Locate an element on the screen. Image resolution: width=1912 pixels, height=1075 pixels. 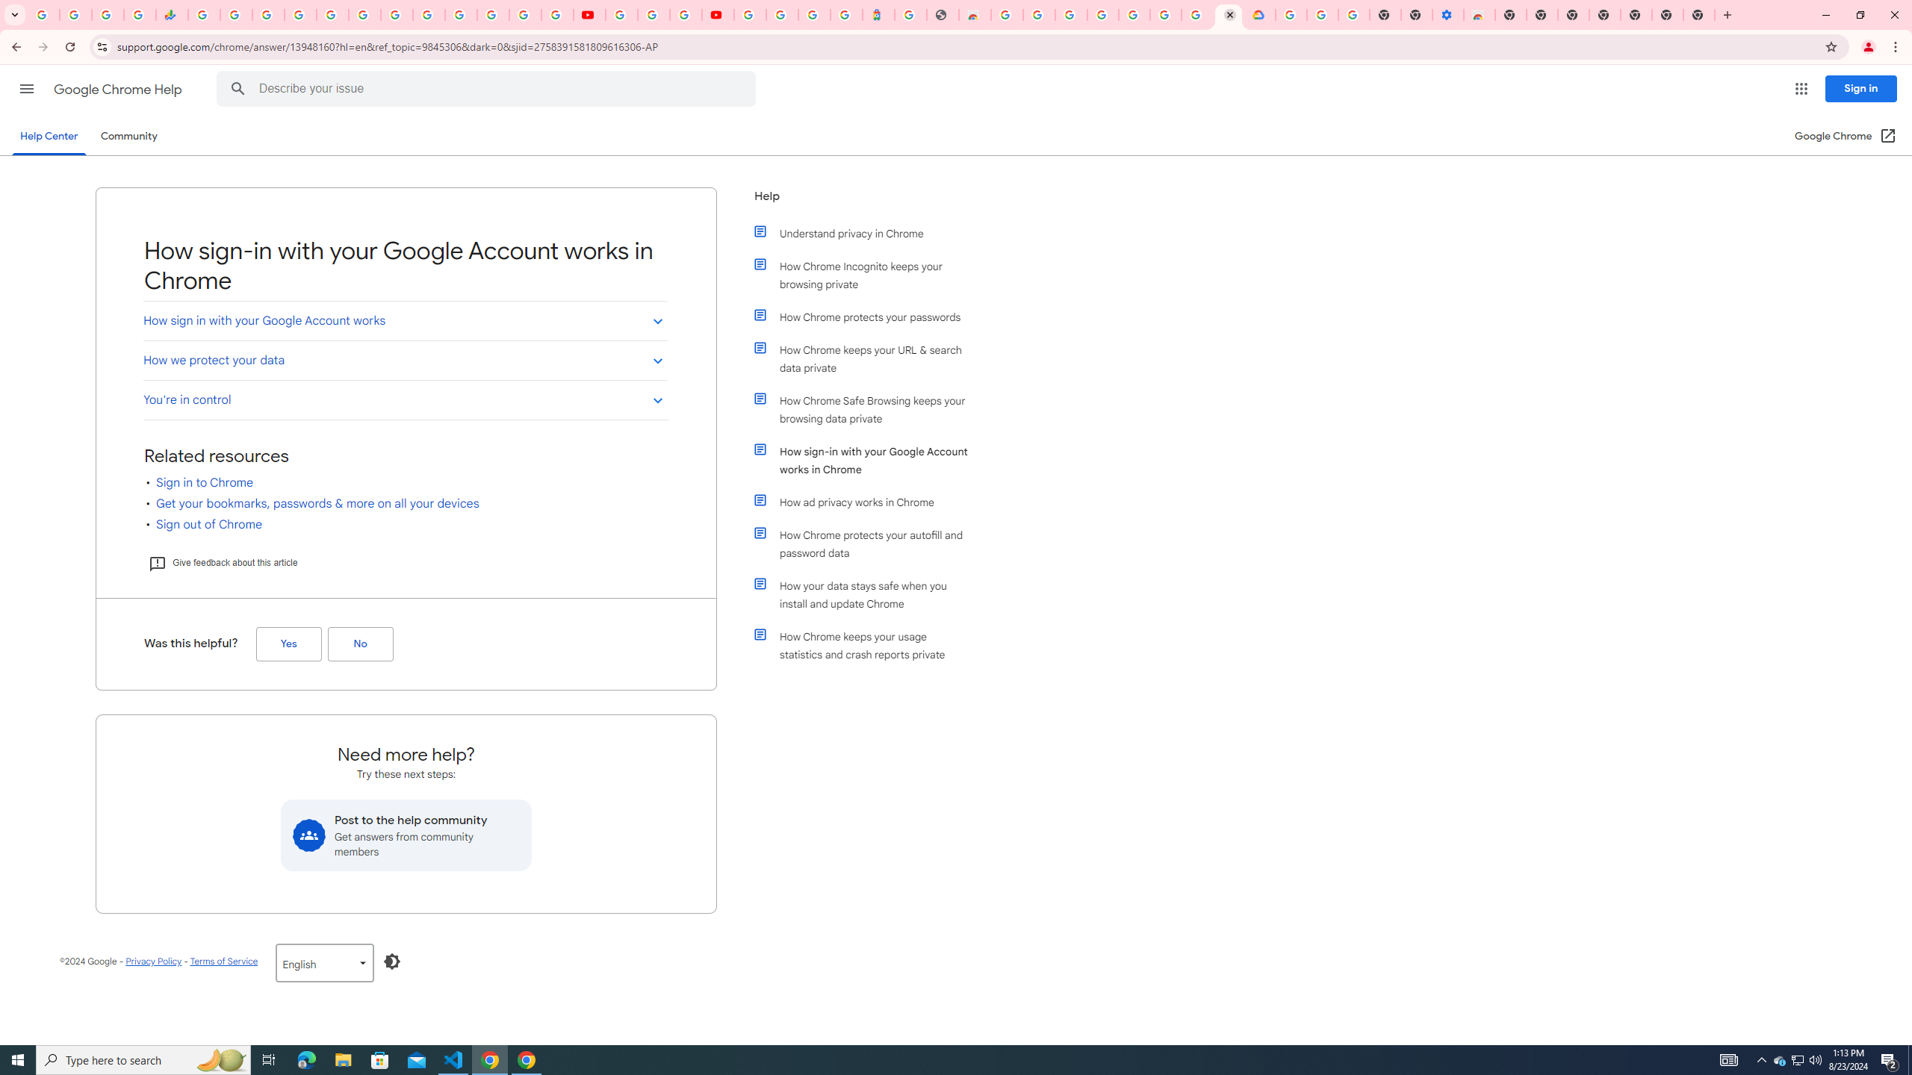
'Sign out of Chrome' is located at coordinates (209, 523).